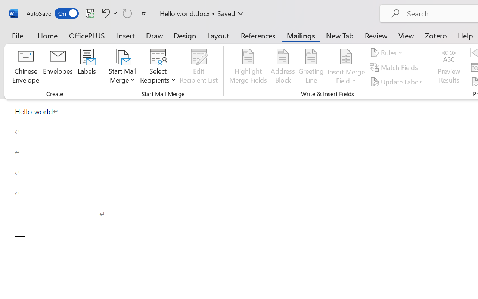  I want to click on 'References', so click(258, 35).